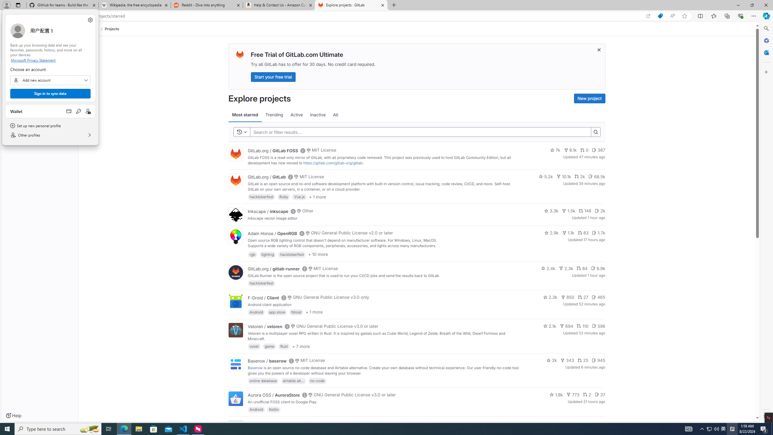 The image size is (773, 435). What do you see at coordinates (297, 114) in the screenshot?
I see `'Active'` at bounding box center [297, 114].